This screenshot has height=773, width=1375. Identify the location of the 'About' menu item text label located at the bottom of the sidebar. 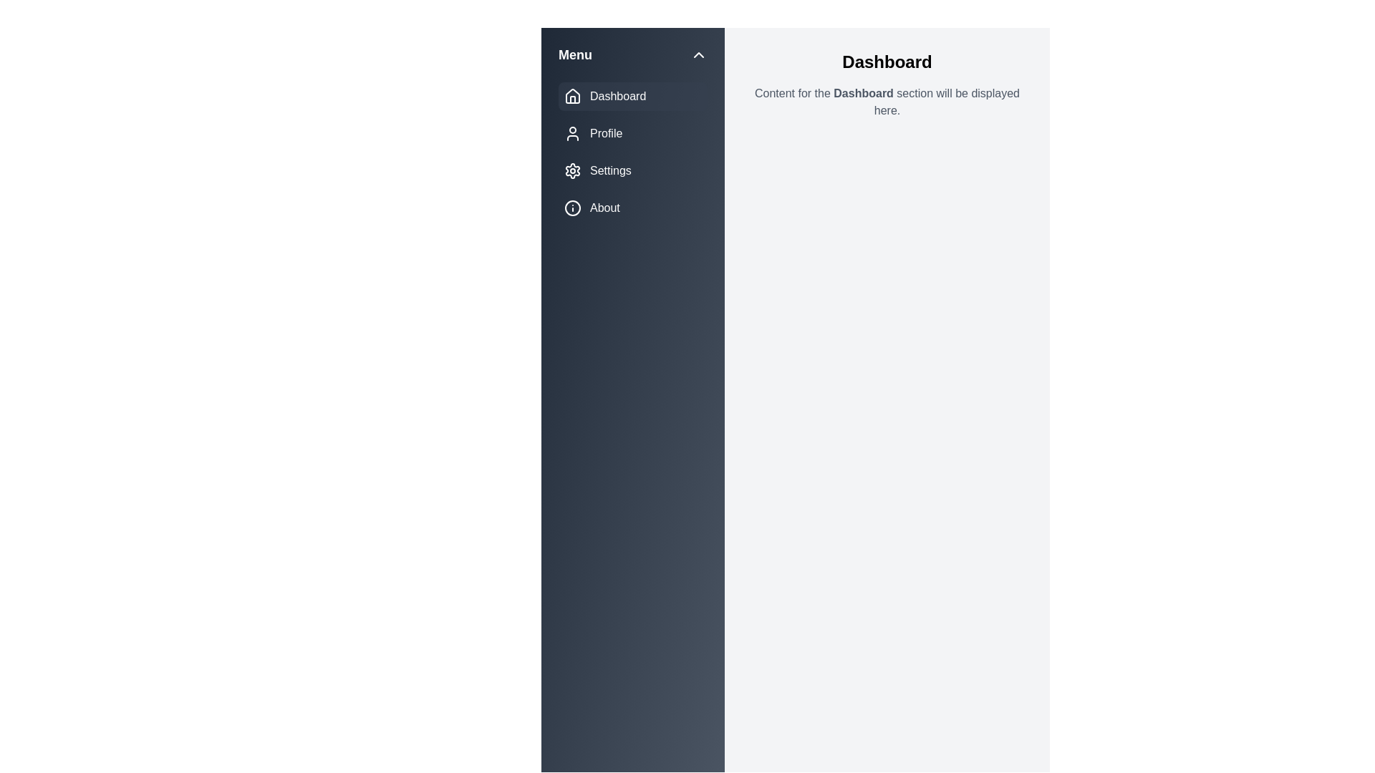
(604, 208).